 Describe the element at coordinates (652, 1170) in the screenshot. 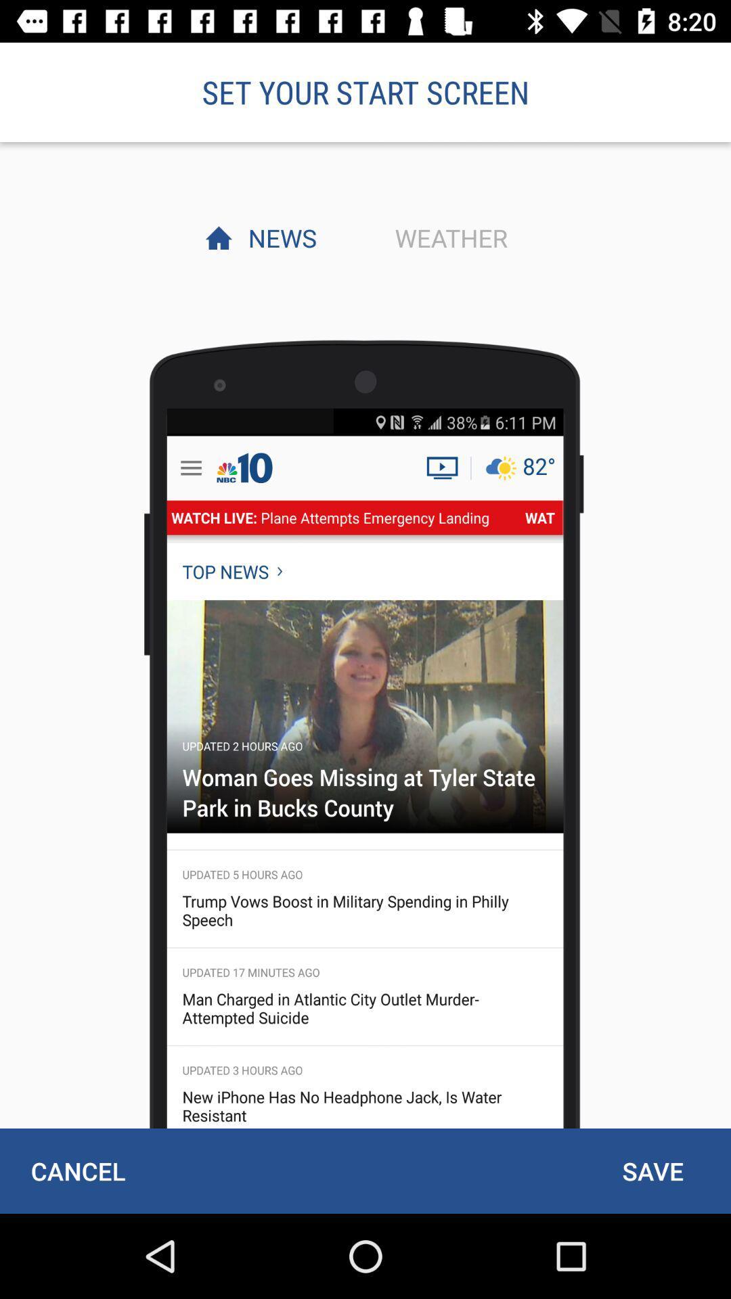

I see `save item` at that location.